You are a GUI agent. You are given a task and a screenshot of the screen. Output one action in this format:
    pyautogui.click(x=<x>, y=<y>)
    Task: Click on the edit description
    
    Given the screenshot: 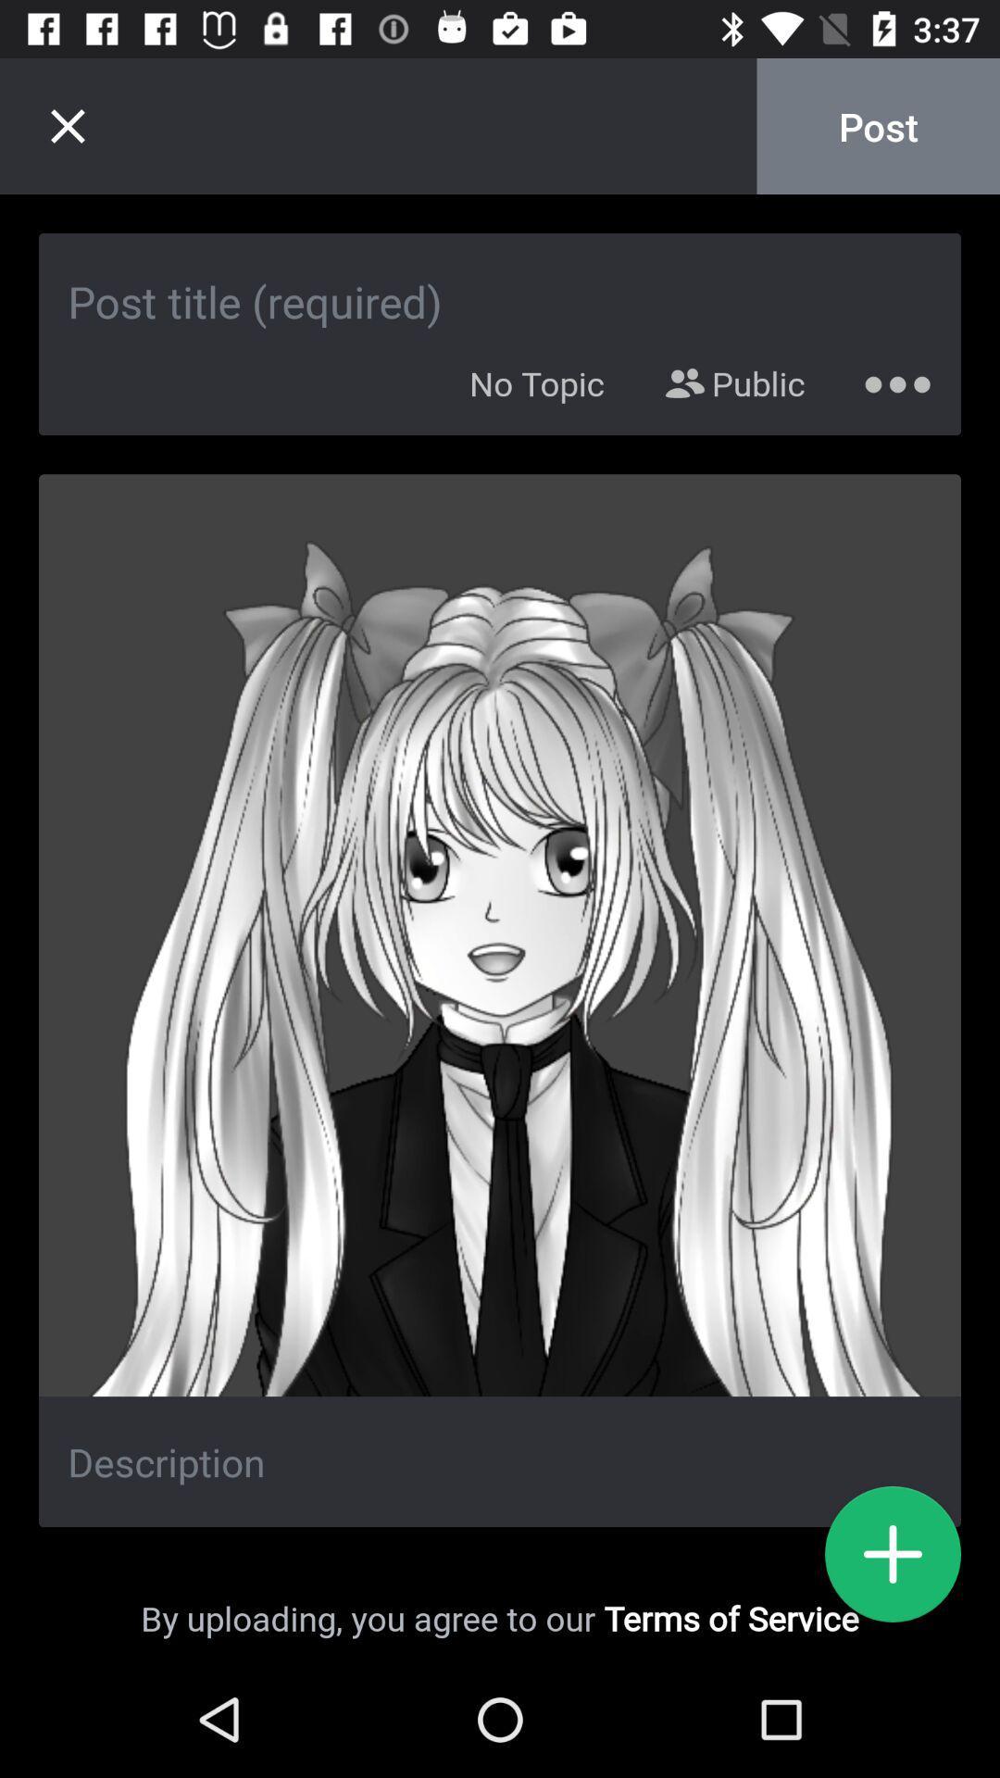 What is the action you would take?
    pyautogui.click(x=500, y=1460)
    